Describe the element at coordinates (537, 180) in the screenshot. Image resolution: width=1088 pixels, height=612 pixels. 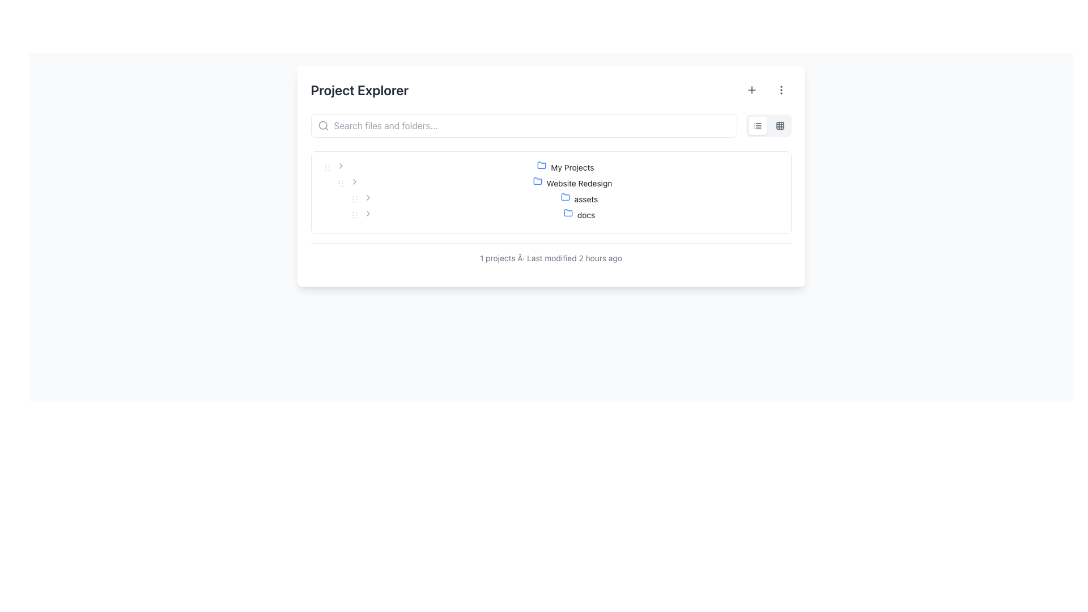
I see `the blue folder icon` at that location.